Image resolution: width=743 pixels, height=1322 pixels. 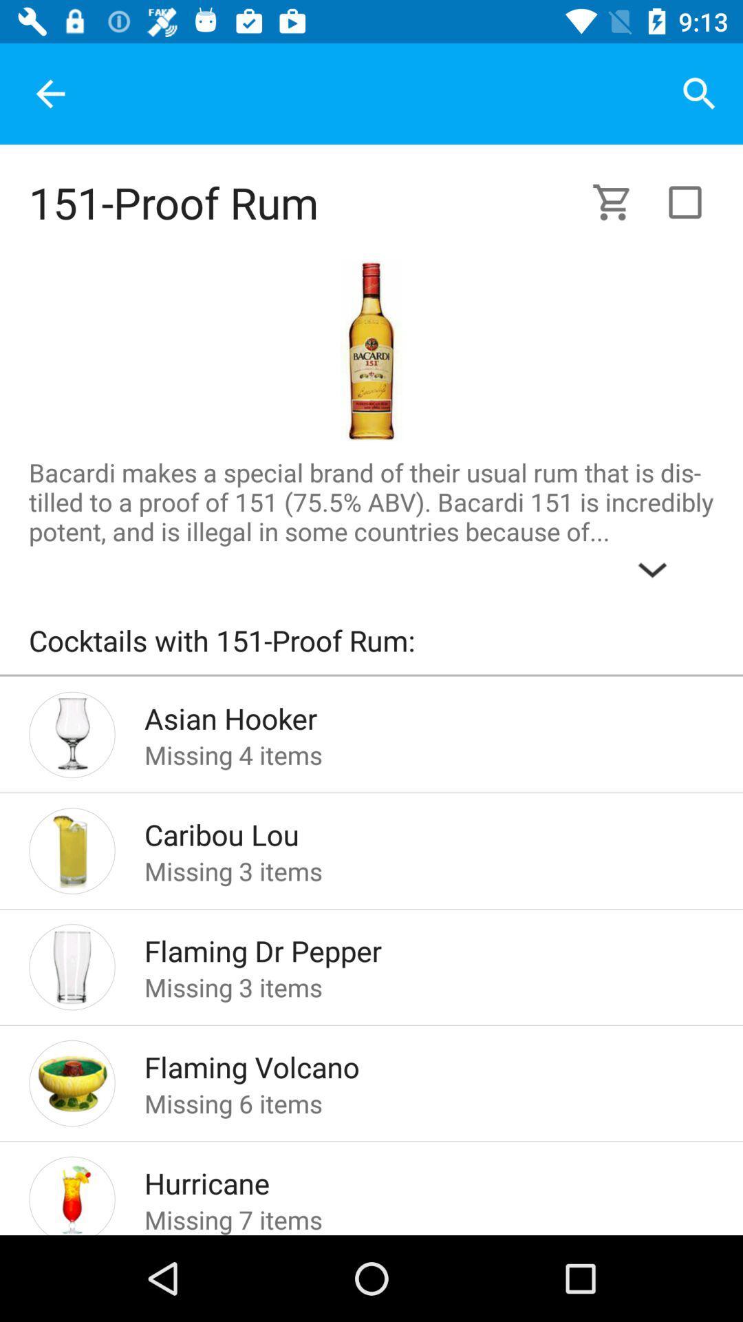 I want to click on the picture of sample, so click(x=370, y=350).